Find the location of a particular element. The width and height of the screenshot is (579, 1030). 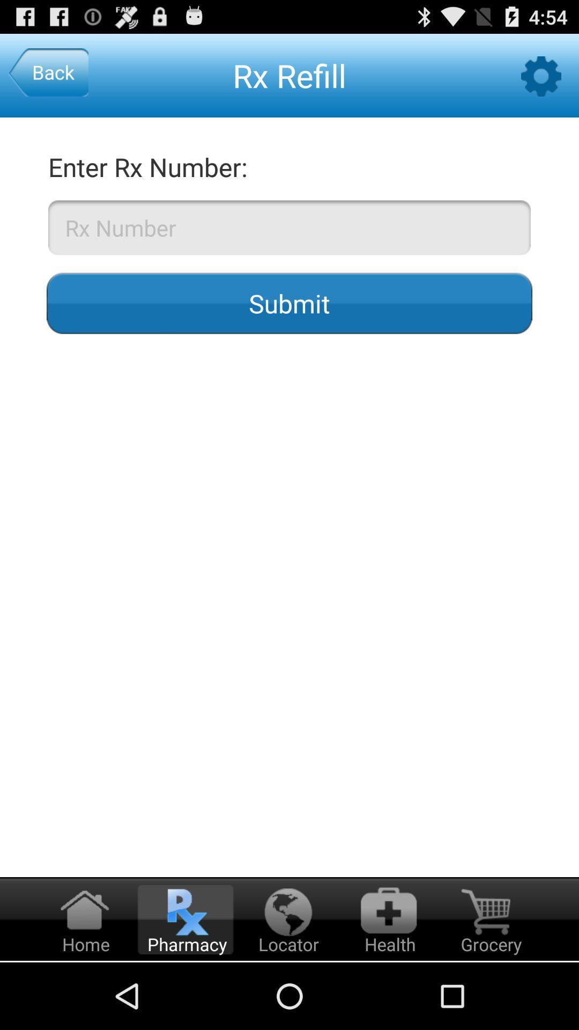

the add icon is located at coordinates (388, 984).